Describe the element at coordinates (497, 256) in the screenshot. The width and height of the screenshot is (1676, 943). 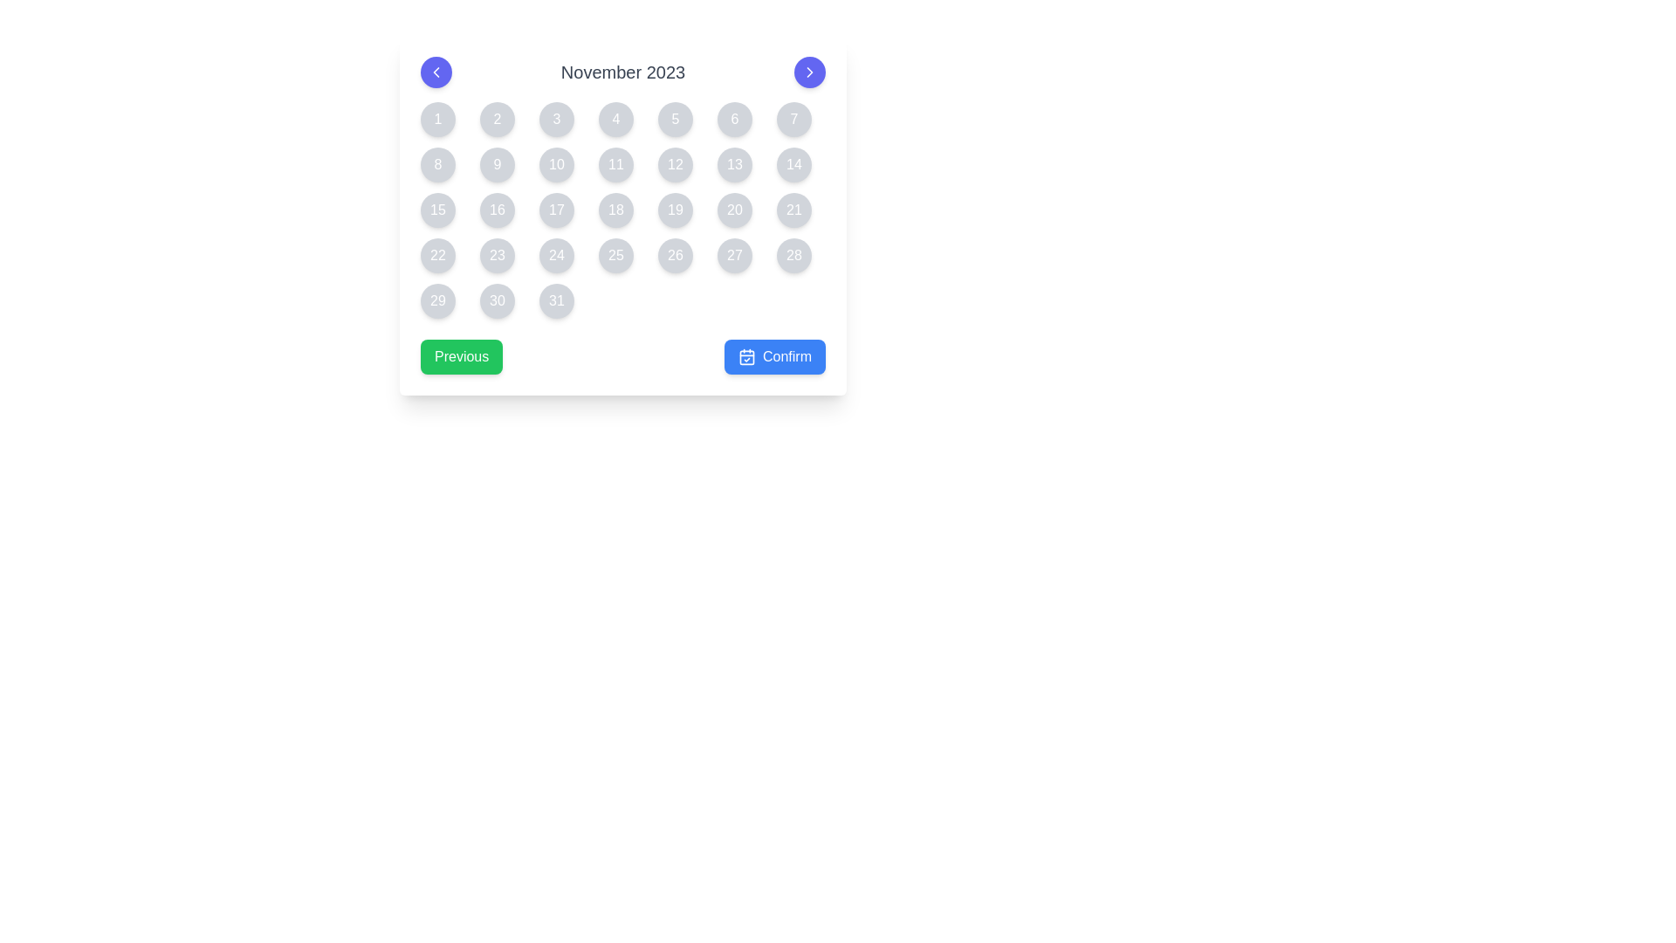
I see `the button representing the 23rd day in the November 2023 calendar` at that location.